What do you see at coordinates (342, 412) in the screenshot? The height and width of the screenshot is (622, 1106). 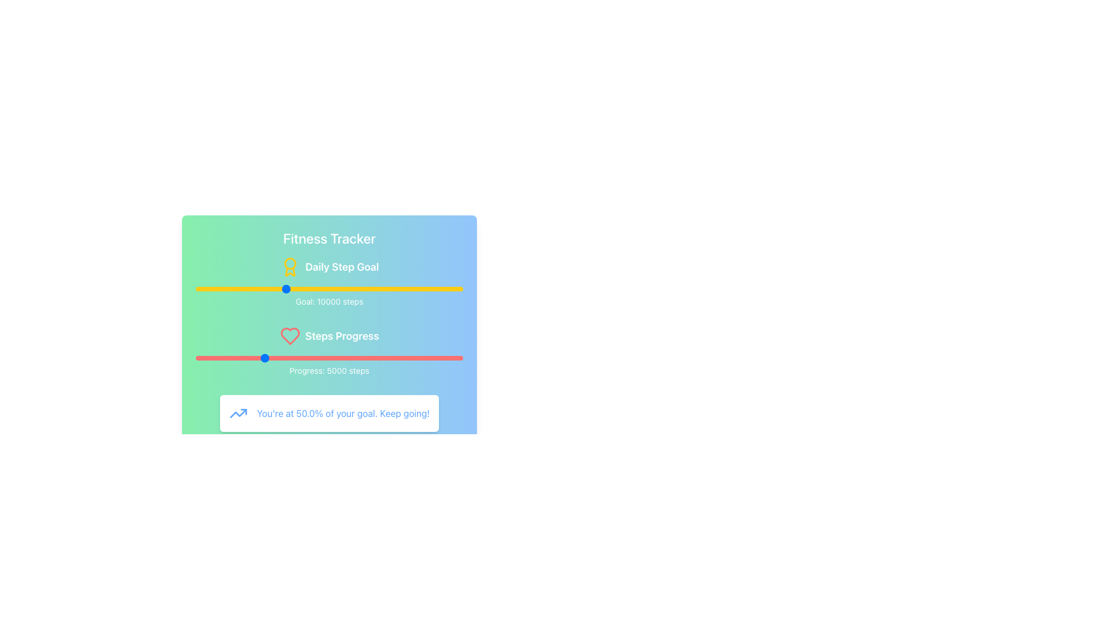 I see `the motivational feedback Text Display element, which shows progress as a percentage and is located to the right of a blue trending-up icon in the fitness tracker dashboard` at bounding box center [342, 412].